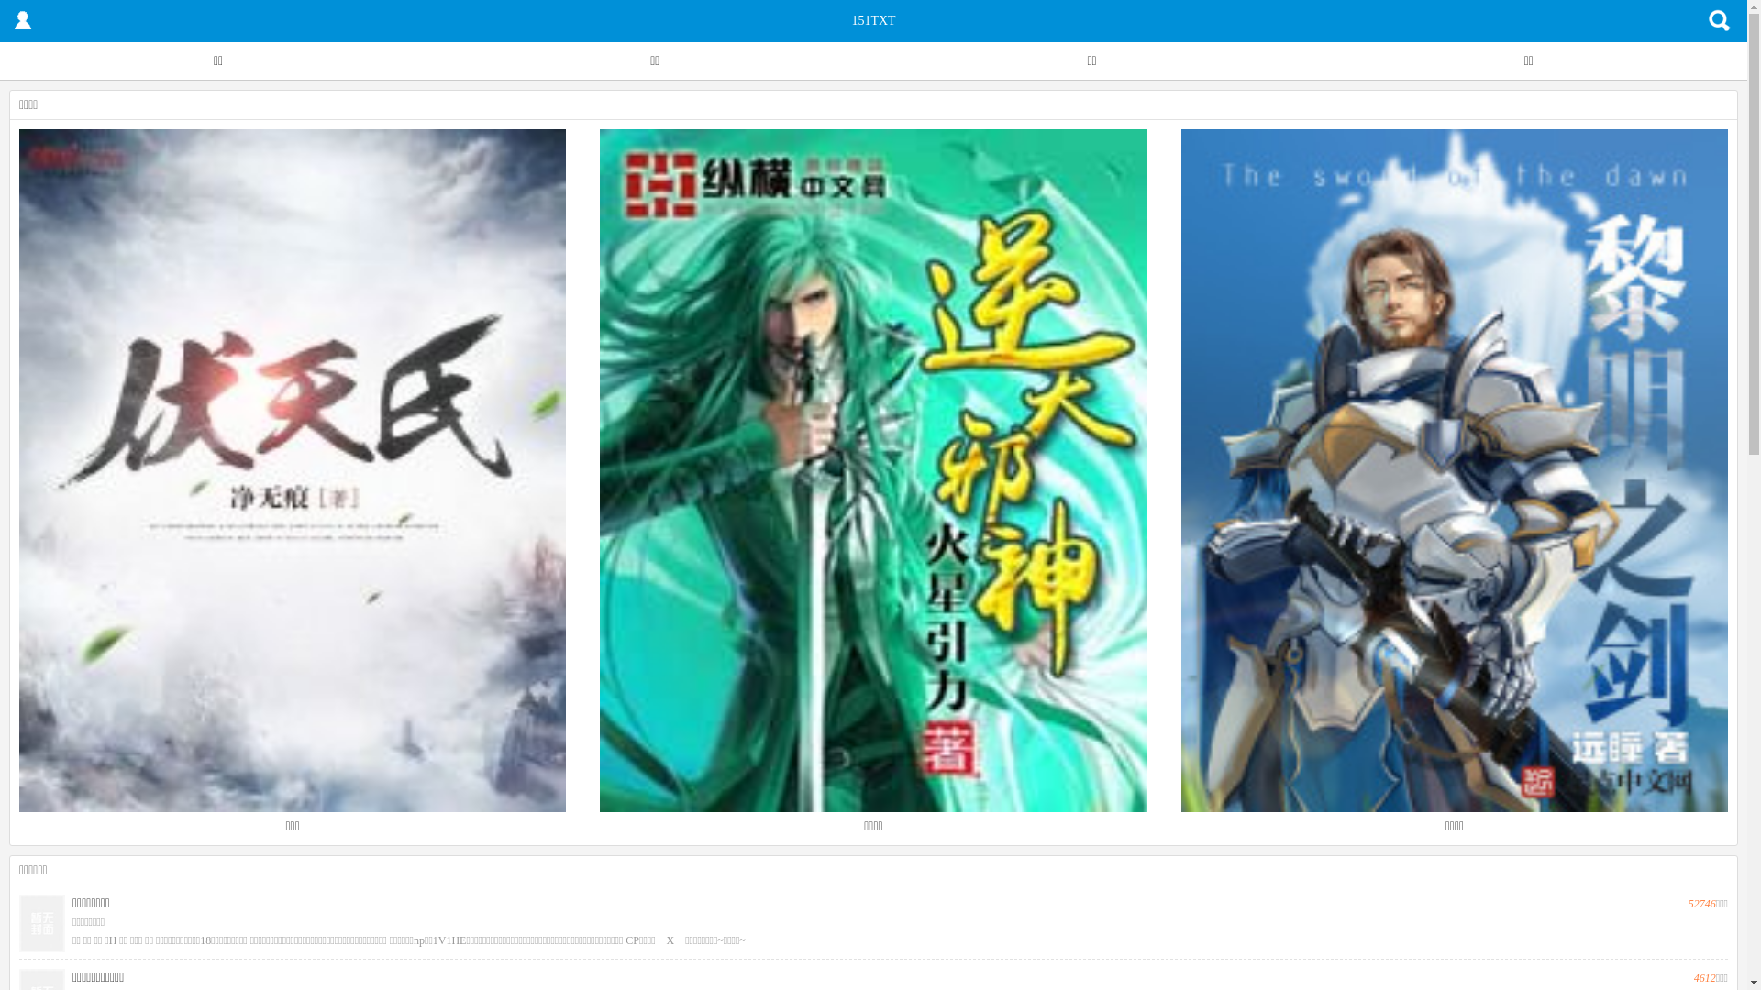 Image resolution: width=1761 pixels, height=990 pixels. What do you see at coordinates (1719, 21) in the screenshot?
I see `' '` at bounding box center [1719, 21].